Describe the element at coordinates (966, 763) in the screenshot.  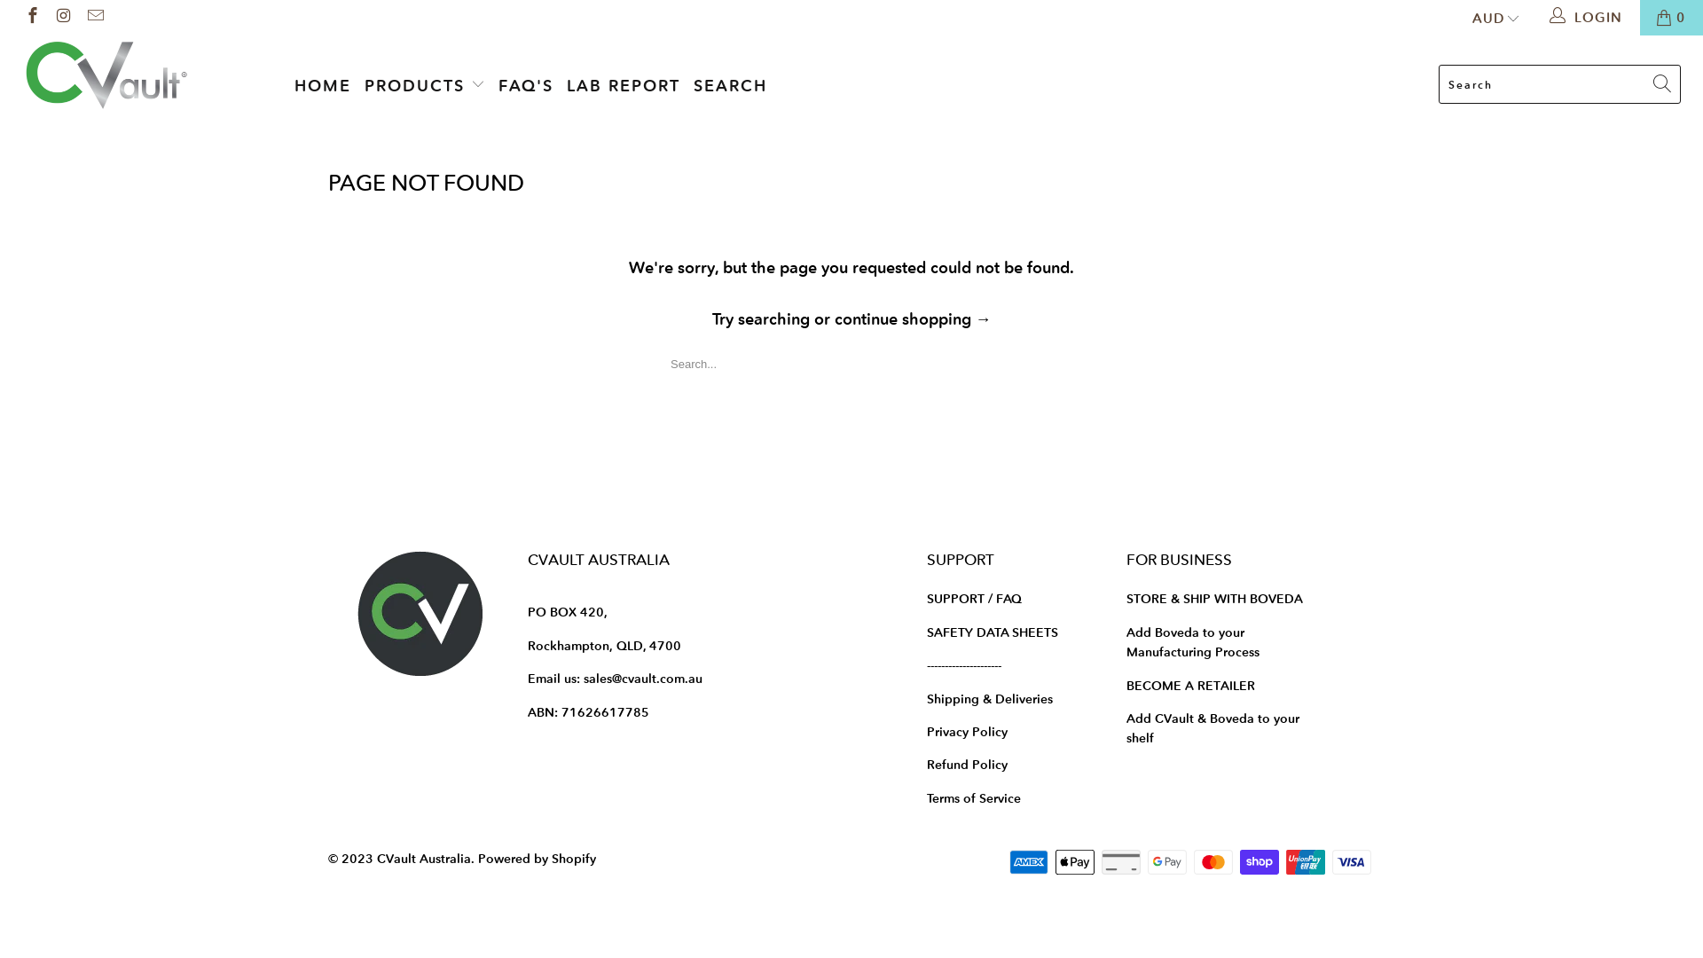
I see `'Refund Policy'` at that location.